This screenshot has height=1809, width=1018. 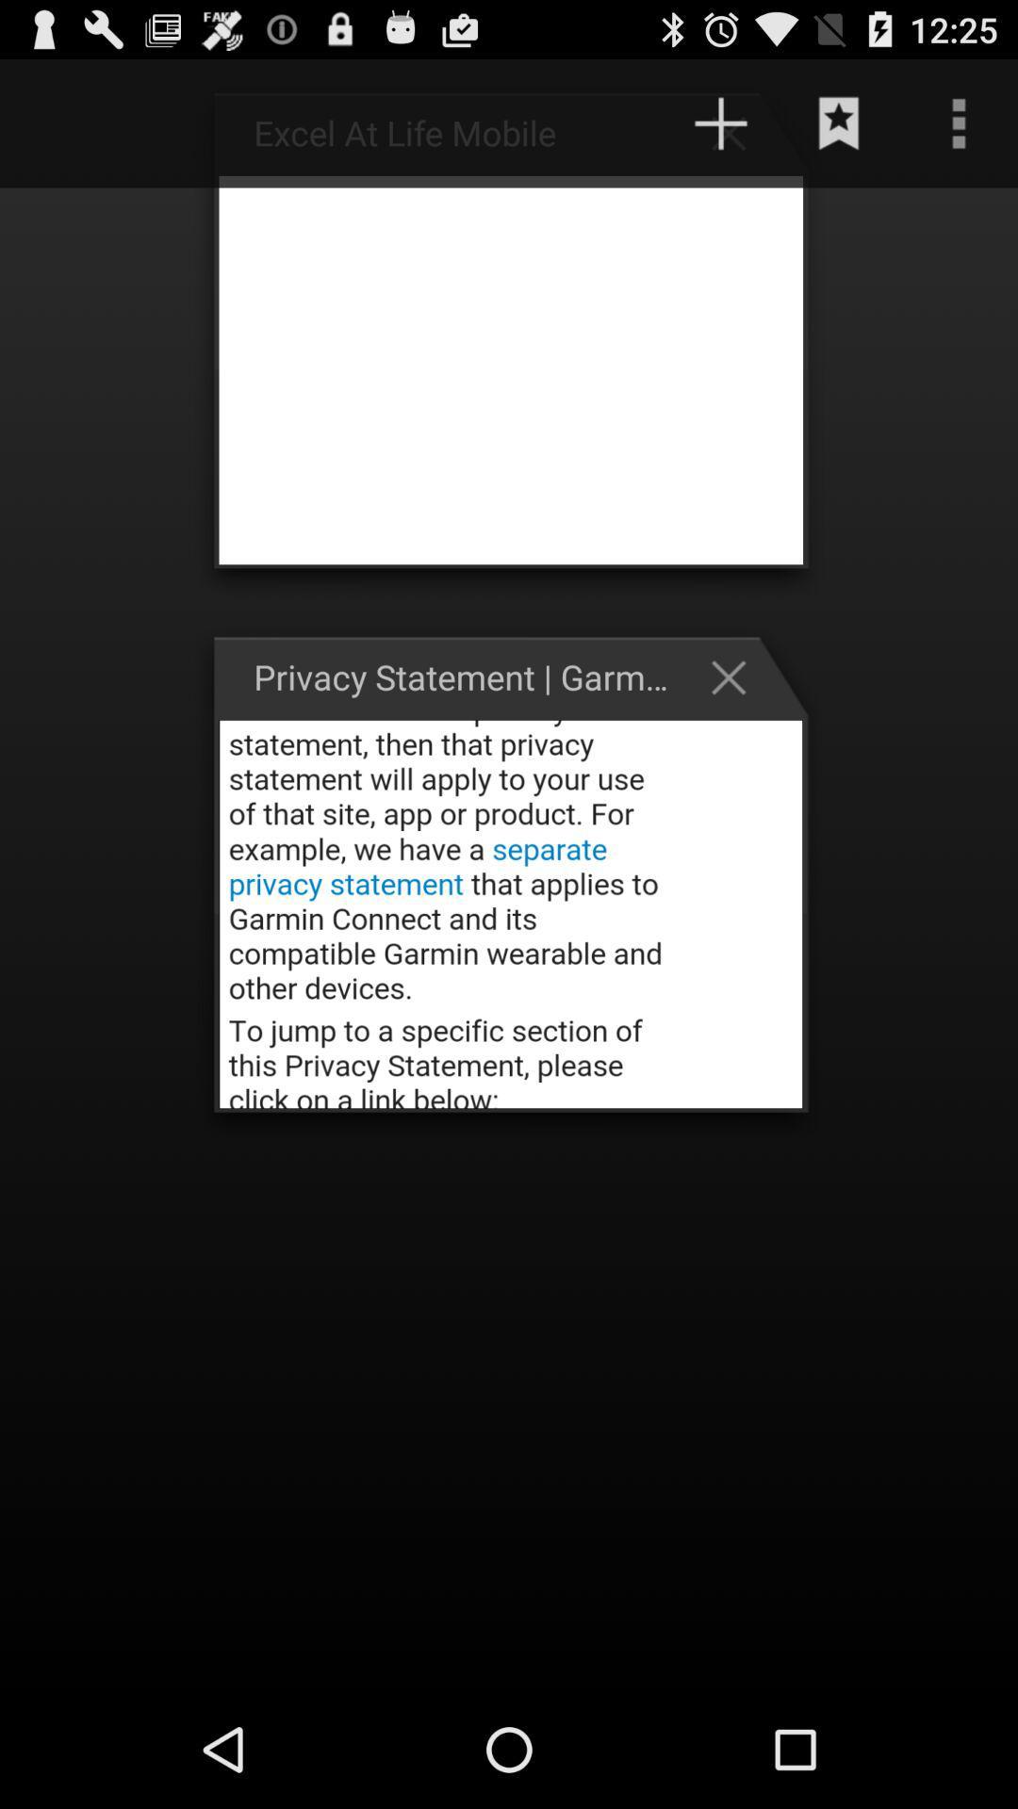 What do you see at coordinates (959, 131) in the screenshot?
I see `the more icon` at bounding box center [959, 131].